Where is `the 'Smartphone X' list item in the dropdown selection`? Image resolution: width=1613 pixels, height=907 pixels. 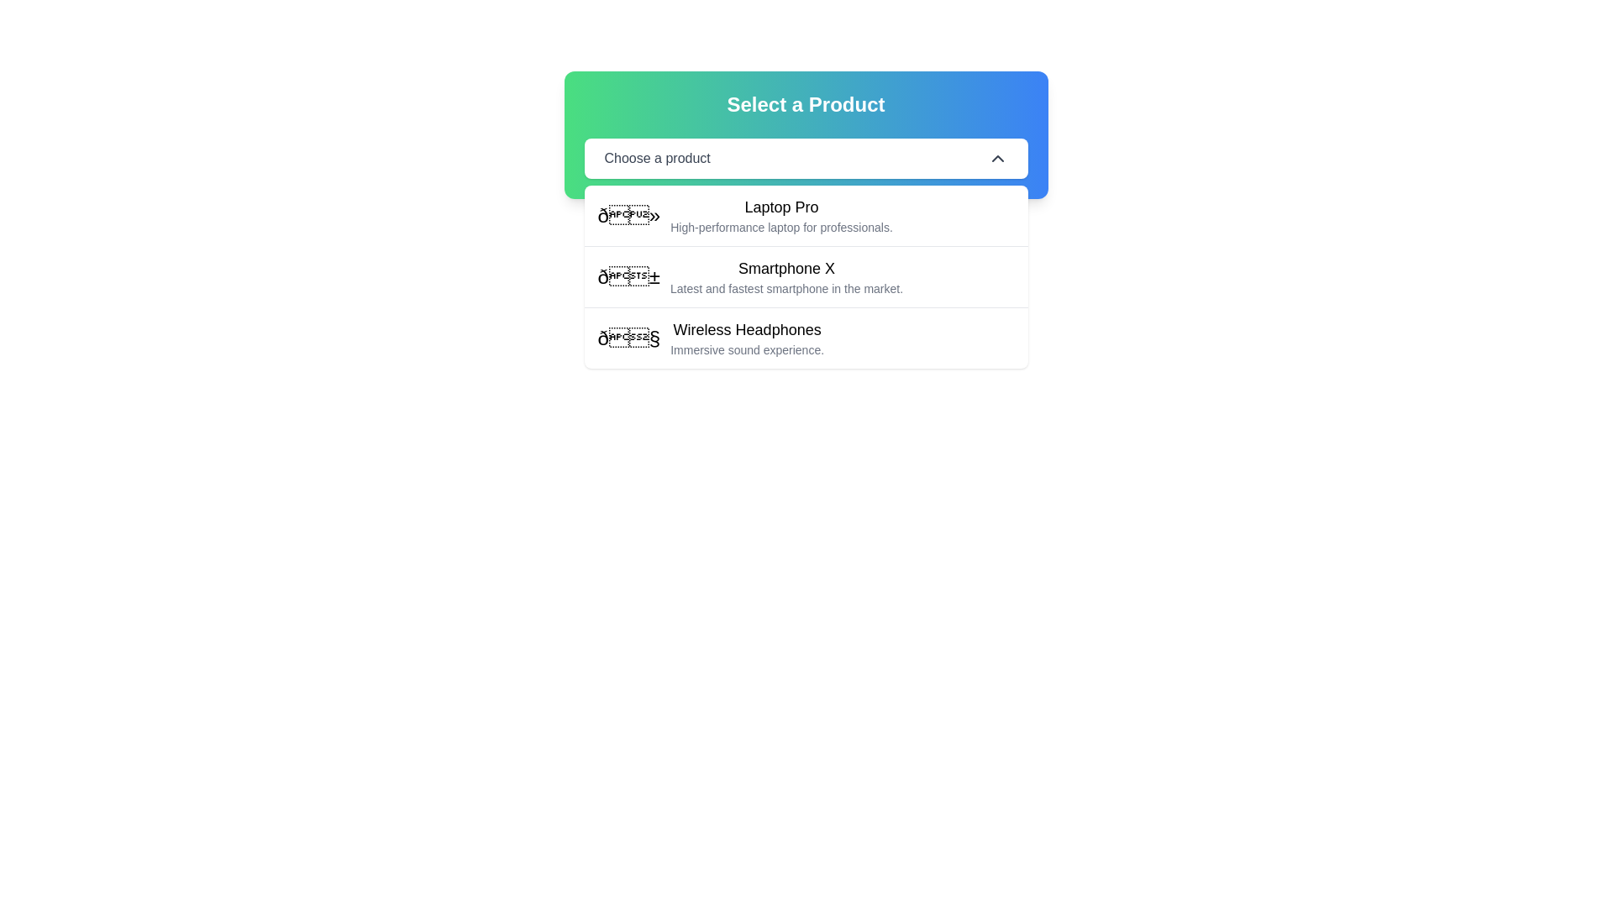
the 'Smartphone X' list item in the dropdown selection is located at coordinates (749, 276).